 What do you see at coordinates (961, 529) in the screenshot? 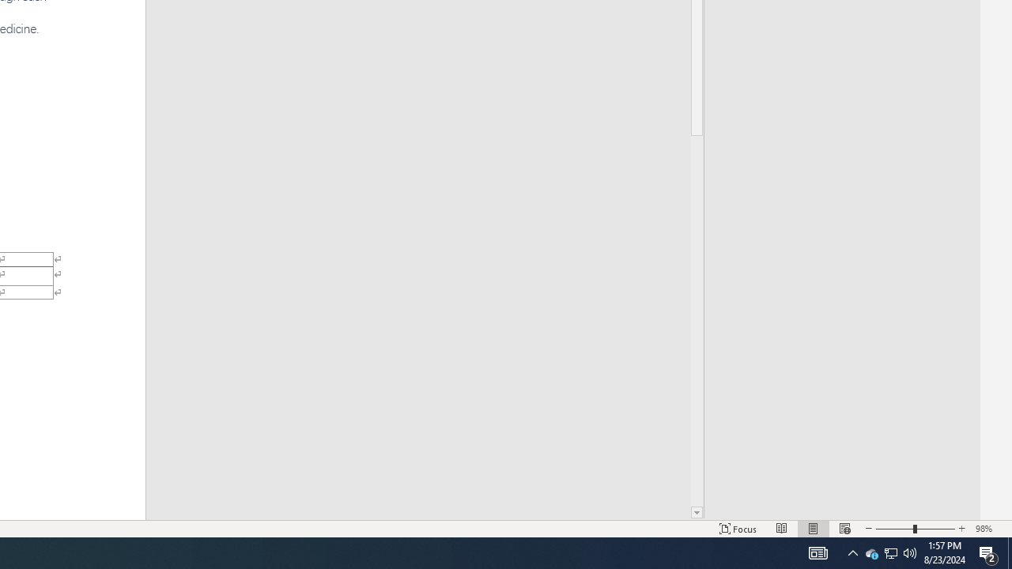
I see `'Zoom In'` at bounding box center [961, 529].